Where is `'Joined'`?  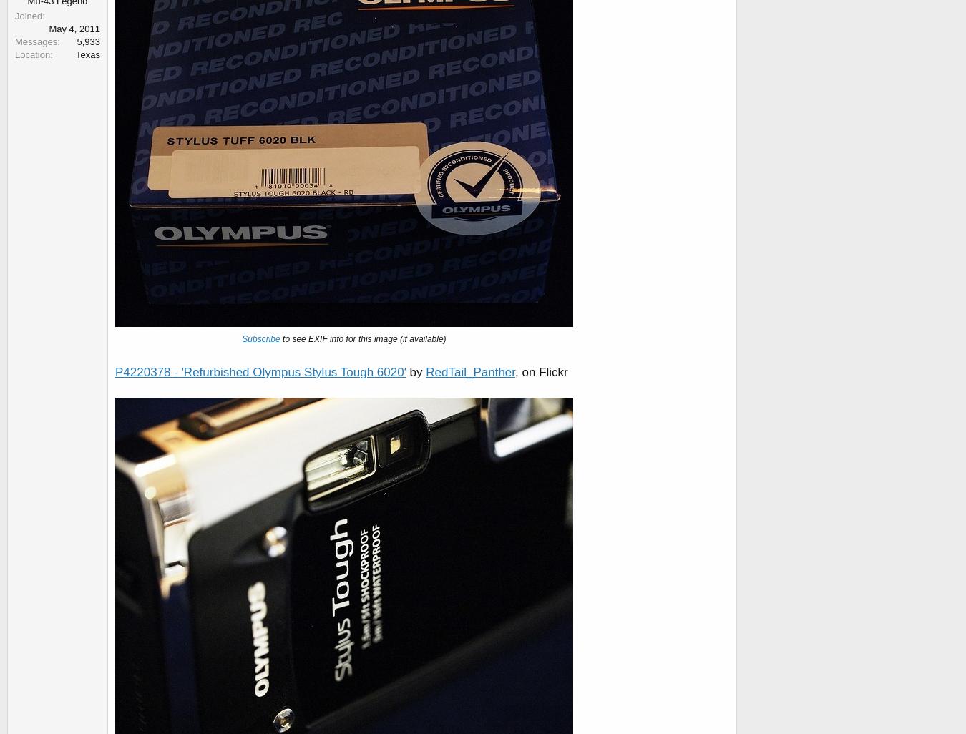 'Joined' is located at coordinates (27, 15).